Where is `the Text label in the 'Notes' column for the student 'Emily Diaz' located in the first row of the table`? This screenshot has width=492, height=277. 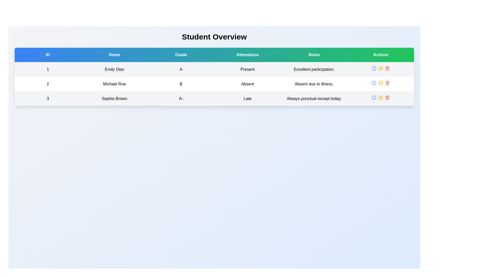
the Text label in the 'Notes' column for the student 'Emily Diaz' located in the first row of the table is located at coordinates (314, 69).